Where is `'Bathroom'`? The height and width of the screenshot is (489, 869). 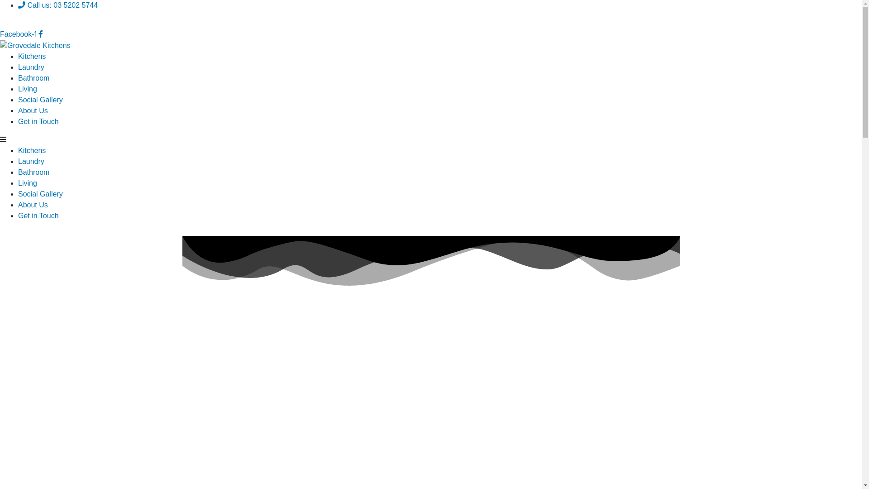 'Bathroom' is located at coordinates (33, 172).